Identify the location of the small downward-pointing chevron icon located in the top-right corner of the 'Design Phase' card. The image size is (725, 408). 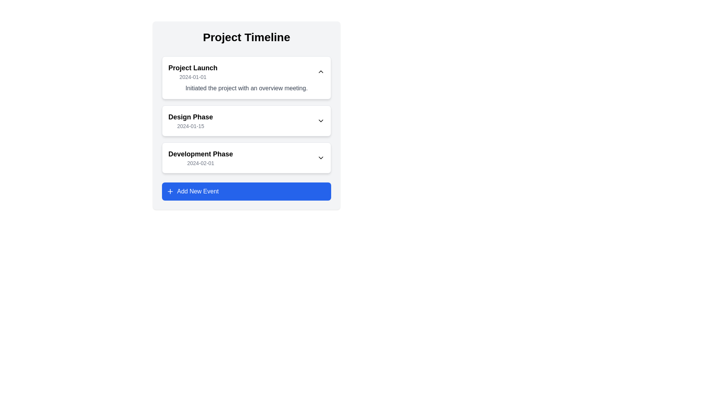
(321, 121).